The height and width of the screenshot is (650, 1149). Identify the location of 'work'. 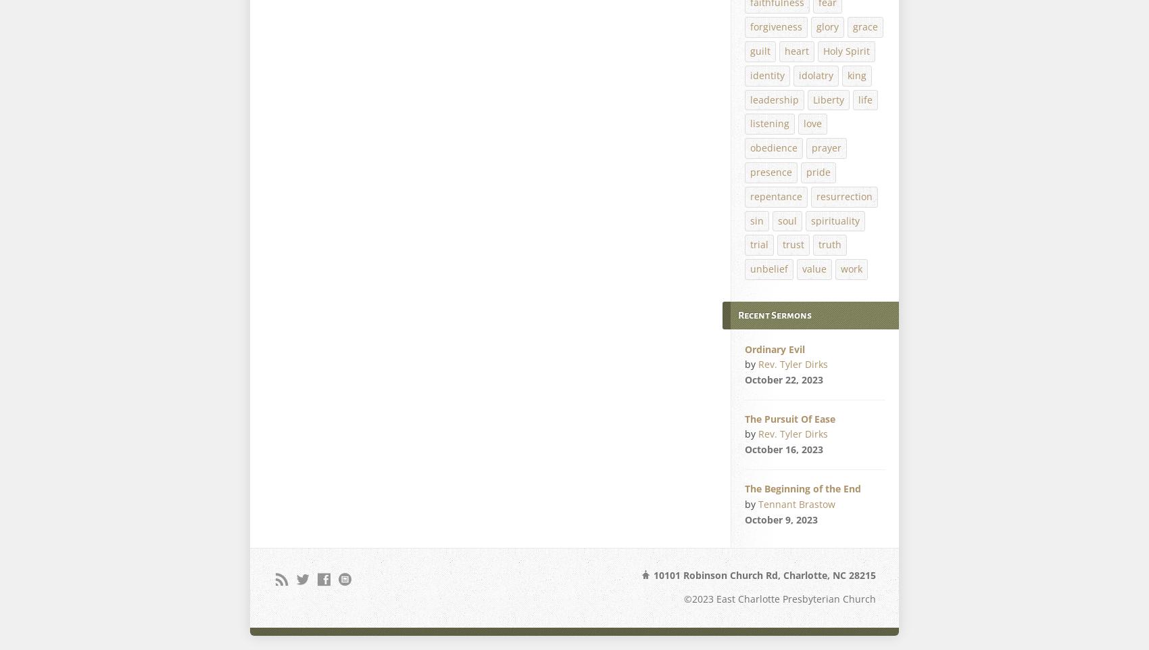
(840, 269).